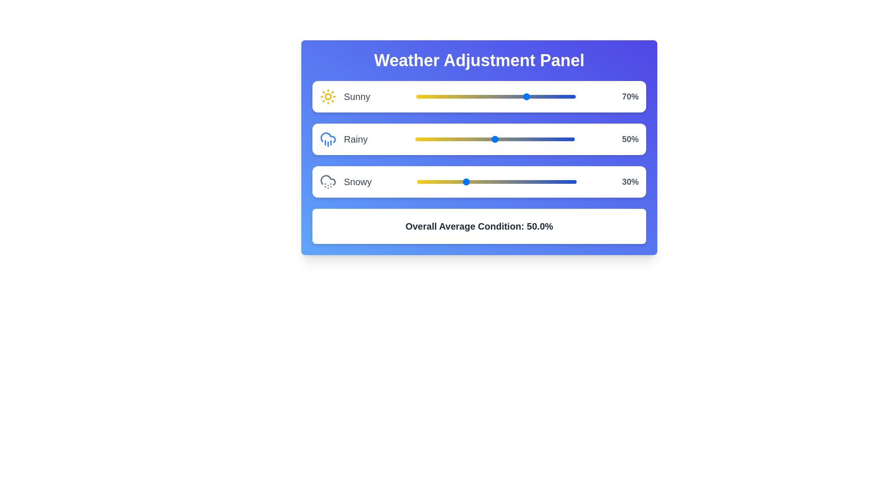  What do you see at coordinates (431, 182) in the screenshot?
I see `the snowy condition percentage` at bounding box center [431, 182].